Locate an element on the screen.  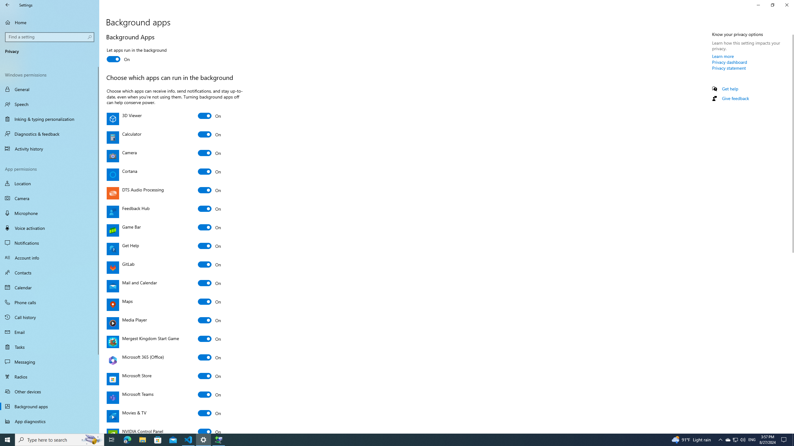
'Cortana' is located at coordinates (209, 172).